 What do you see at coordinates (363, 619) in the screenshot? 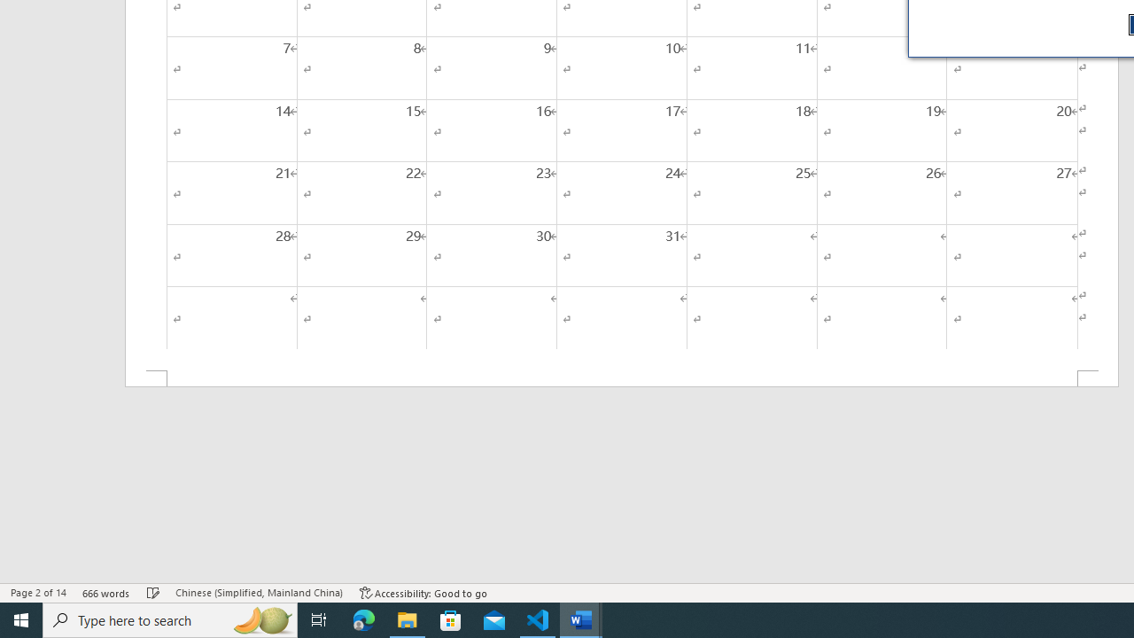
I see `'Microsoft Edge'` at bounding box center [363, 619].